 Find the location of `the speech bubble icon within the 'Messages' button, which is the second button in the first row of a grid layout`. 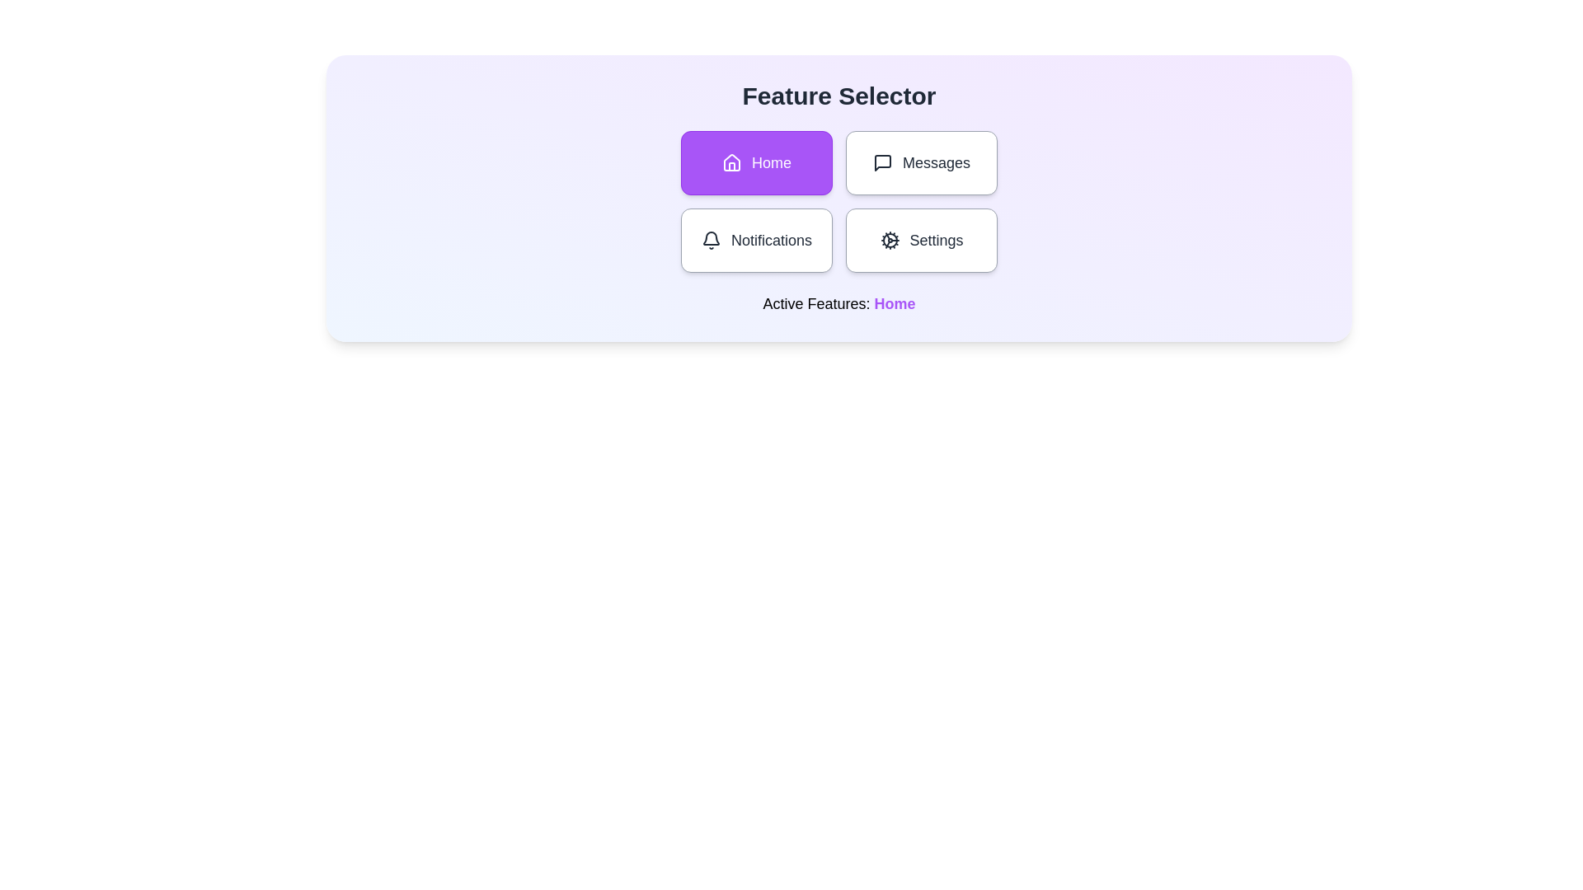

the speech bubble icon within the 'Messages' button, which is the second button in the first row of a grid layout is located at coordinates (881, 162).